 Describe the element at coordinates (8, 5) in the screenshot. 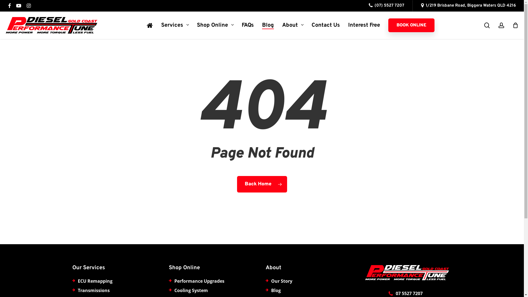

I see `'facebook'` at that location.